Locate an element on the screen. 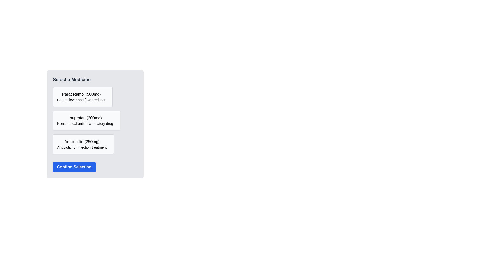 This screenshot has height=272, width=484. the text label identifying the medicine option 'Ibuprofen (200mg)', which is the first text element in the middle card of the vertical series of medicine options is located at coordinates (85, 118).